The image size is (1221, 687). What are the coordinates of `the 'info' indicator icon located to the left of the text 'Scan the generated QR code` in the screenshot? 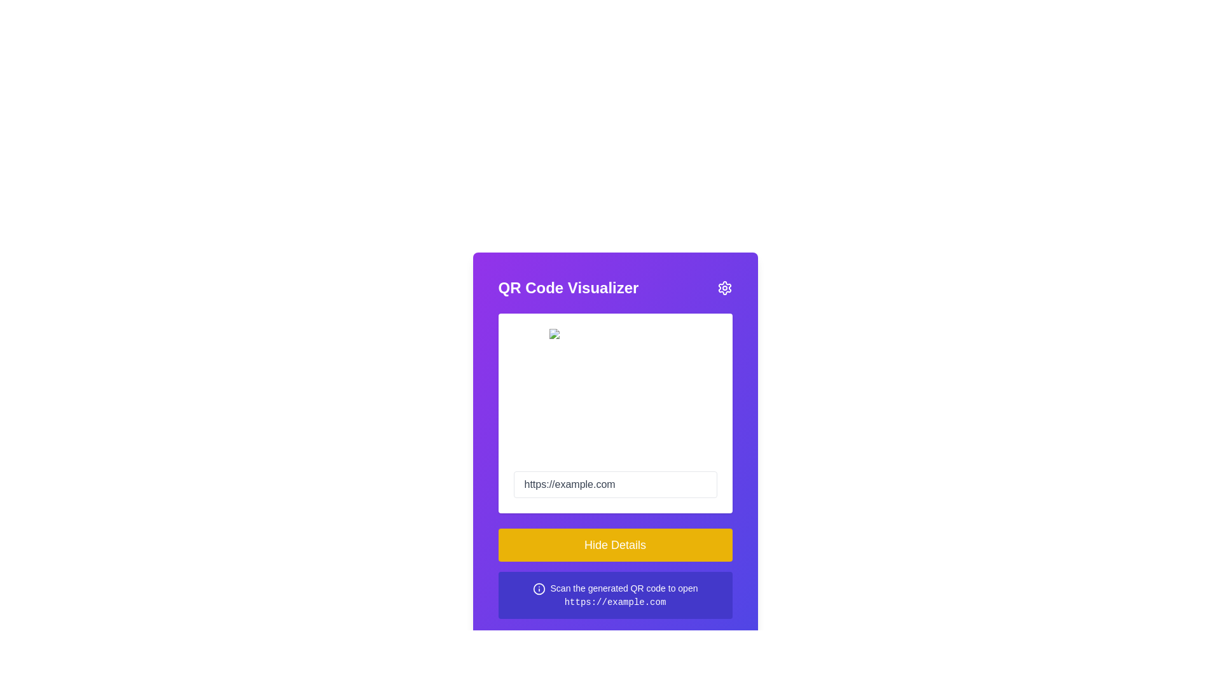 It's located at (539, 589).